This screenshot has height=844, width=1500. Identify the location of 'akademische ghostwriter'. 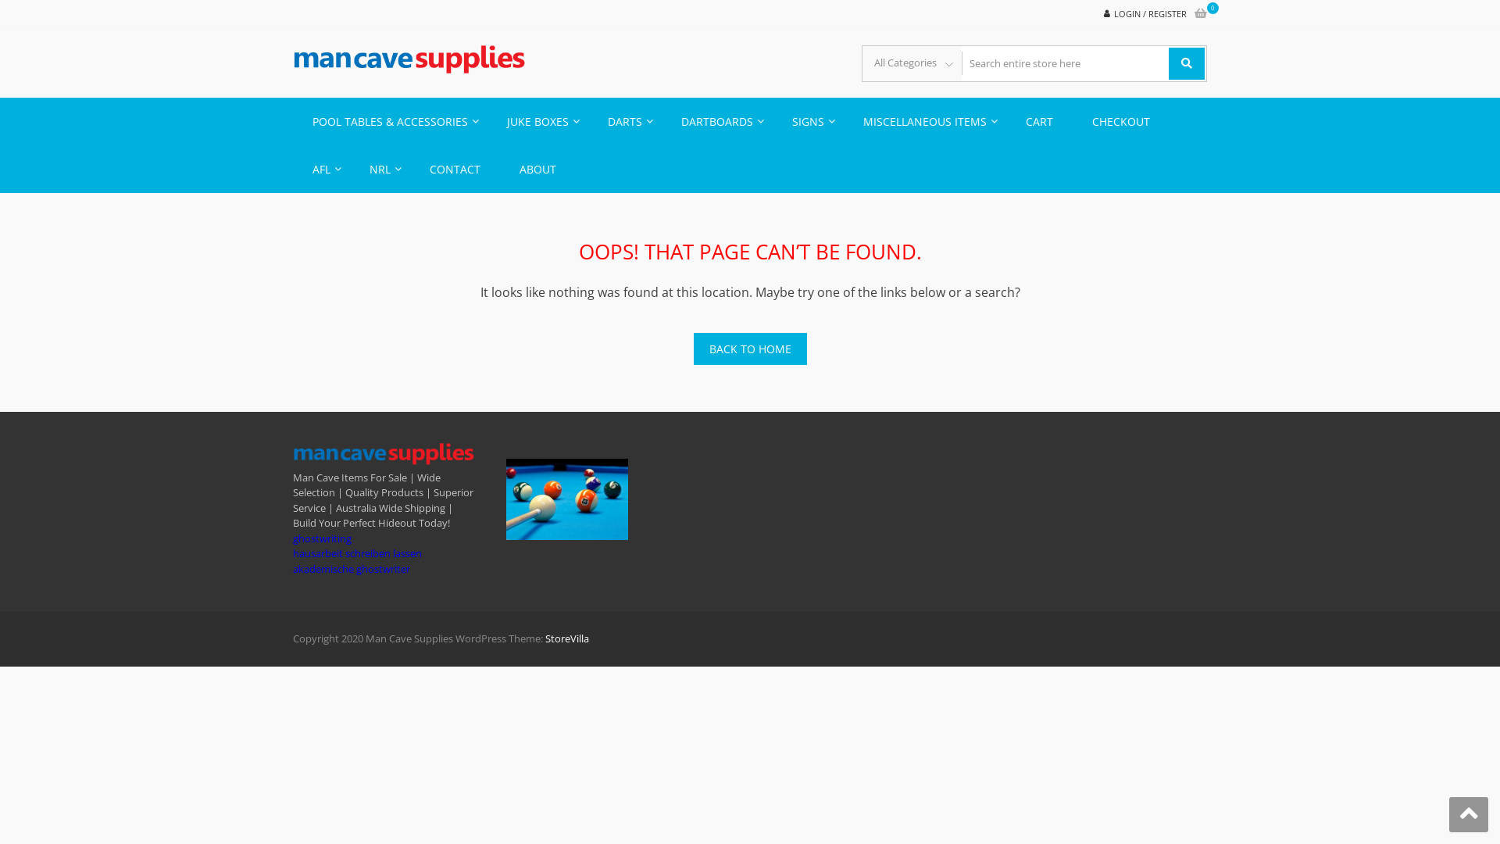
(292, 569).